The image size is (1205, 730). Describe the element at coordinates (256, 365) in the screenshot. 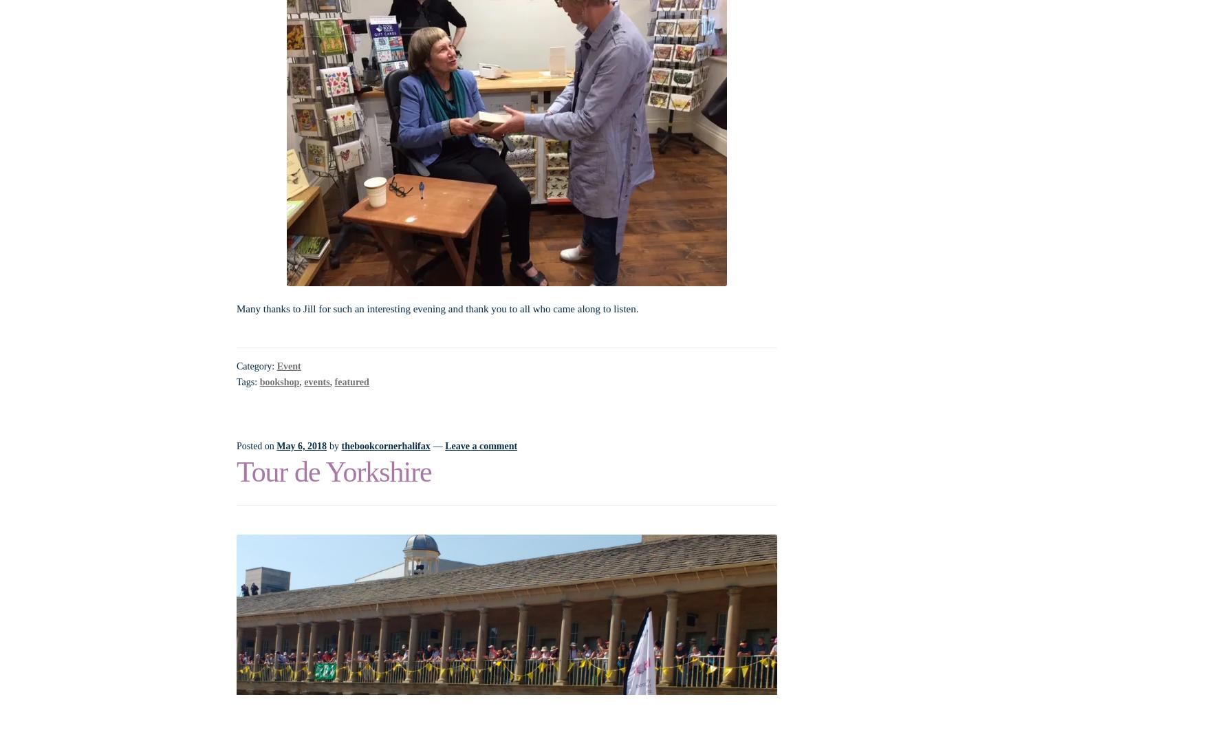

I see `'Category:'` at that location.